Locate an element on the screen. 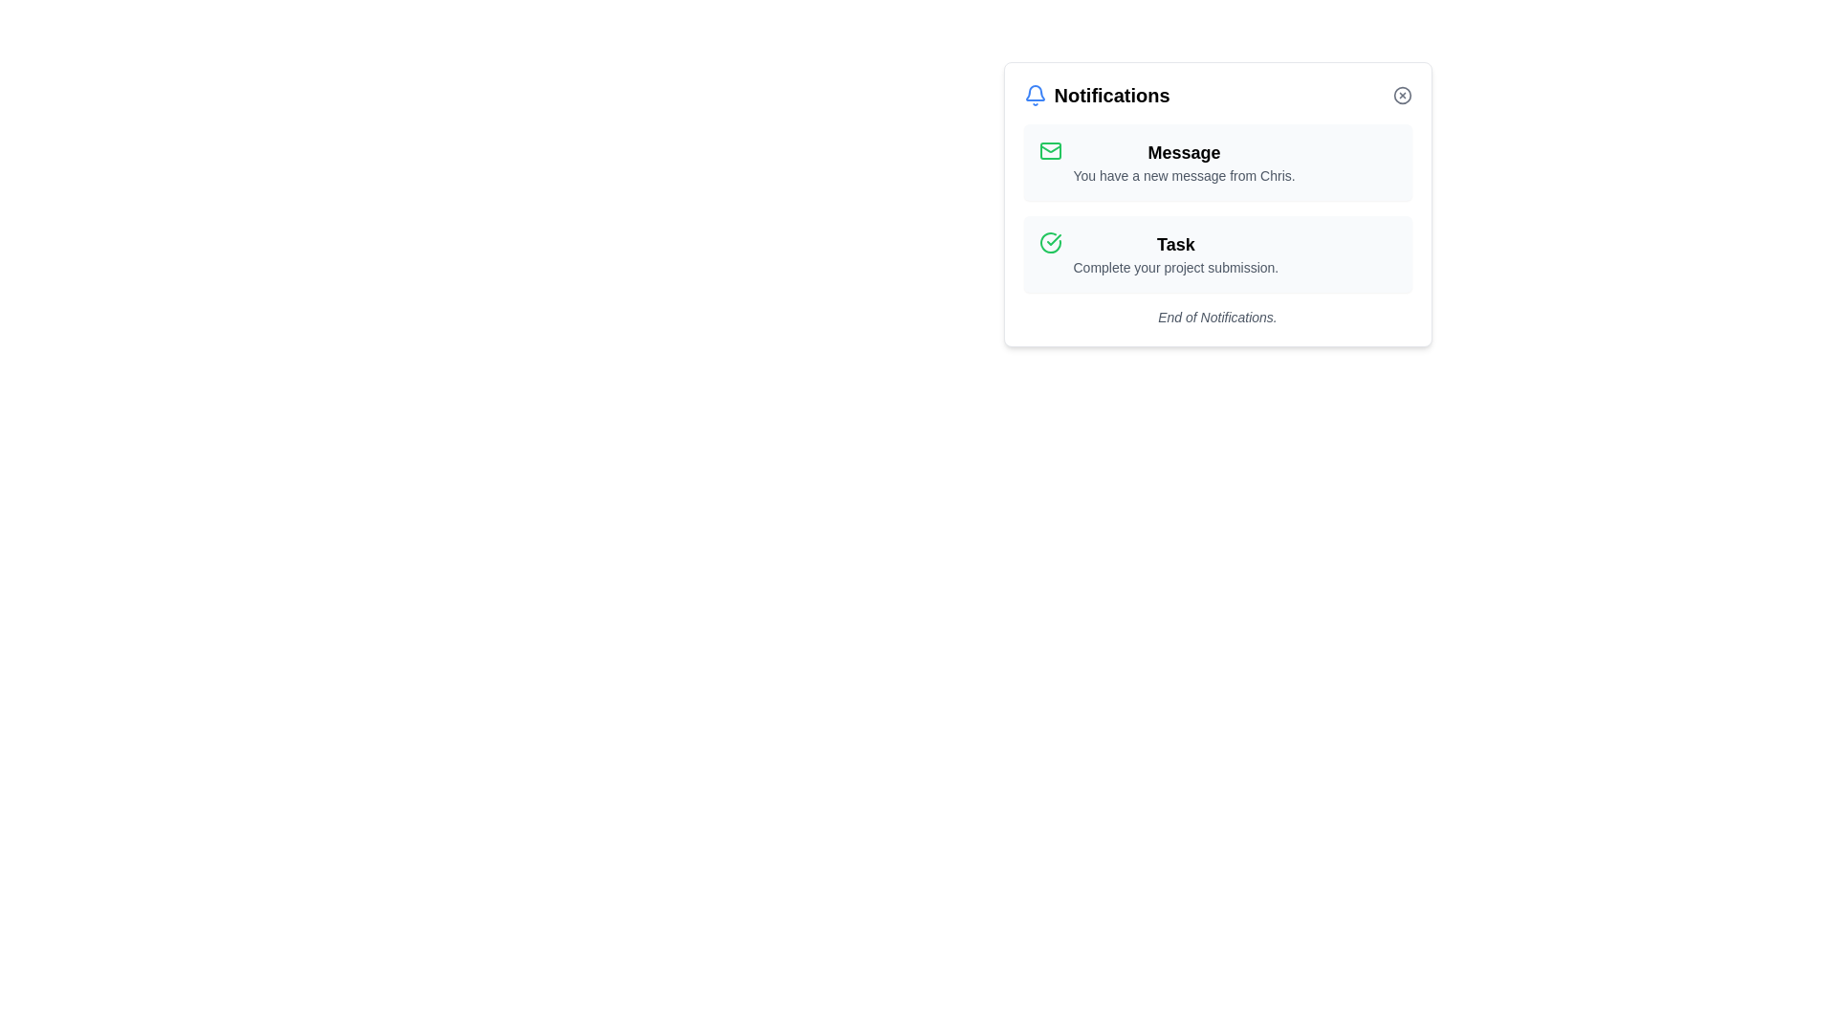 The height and width of the screenshot is (1033, 1836). bold text label containing the word 'Message', which is prominently displayed in the upper-middle section of the notification area, aligned with the envelope icon to its left is located at coordinates (1183, 151).